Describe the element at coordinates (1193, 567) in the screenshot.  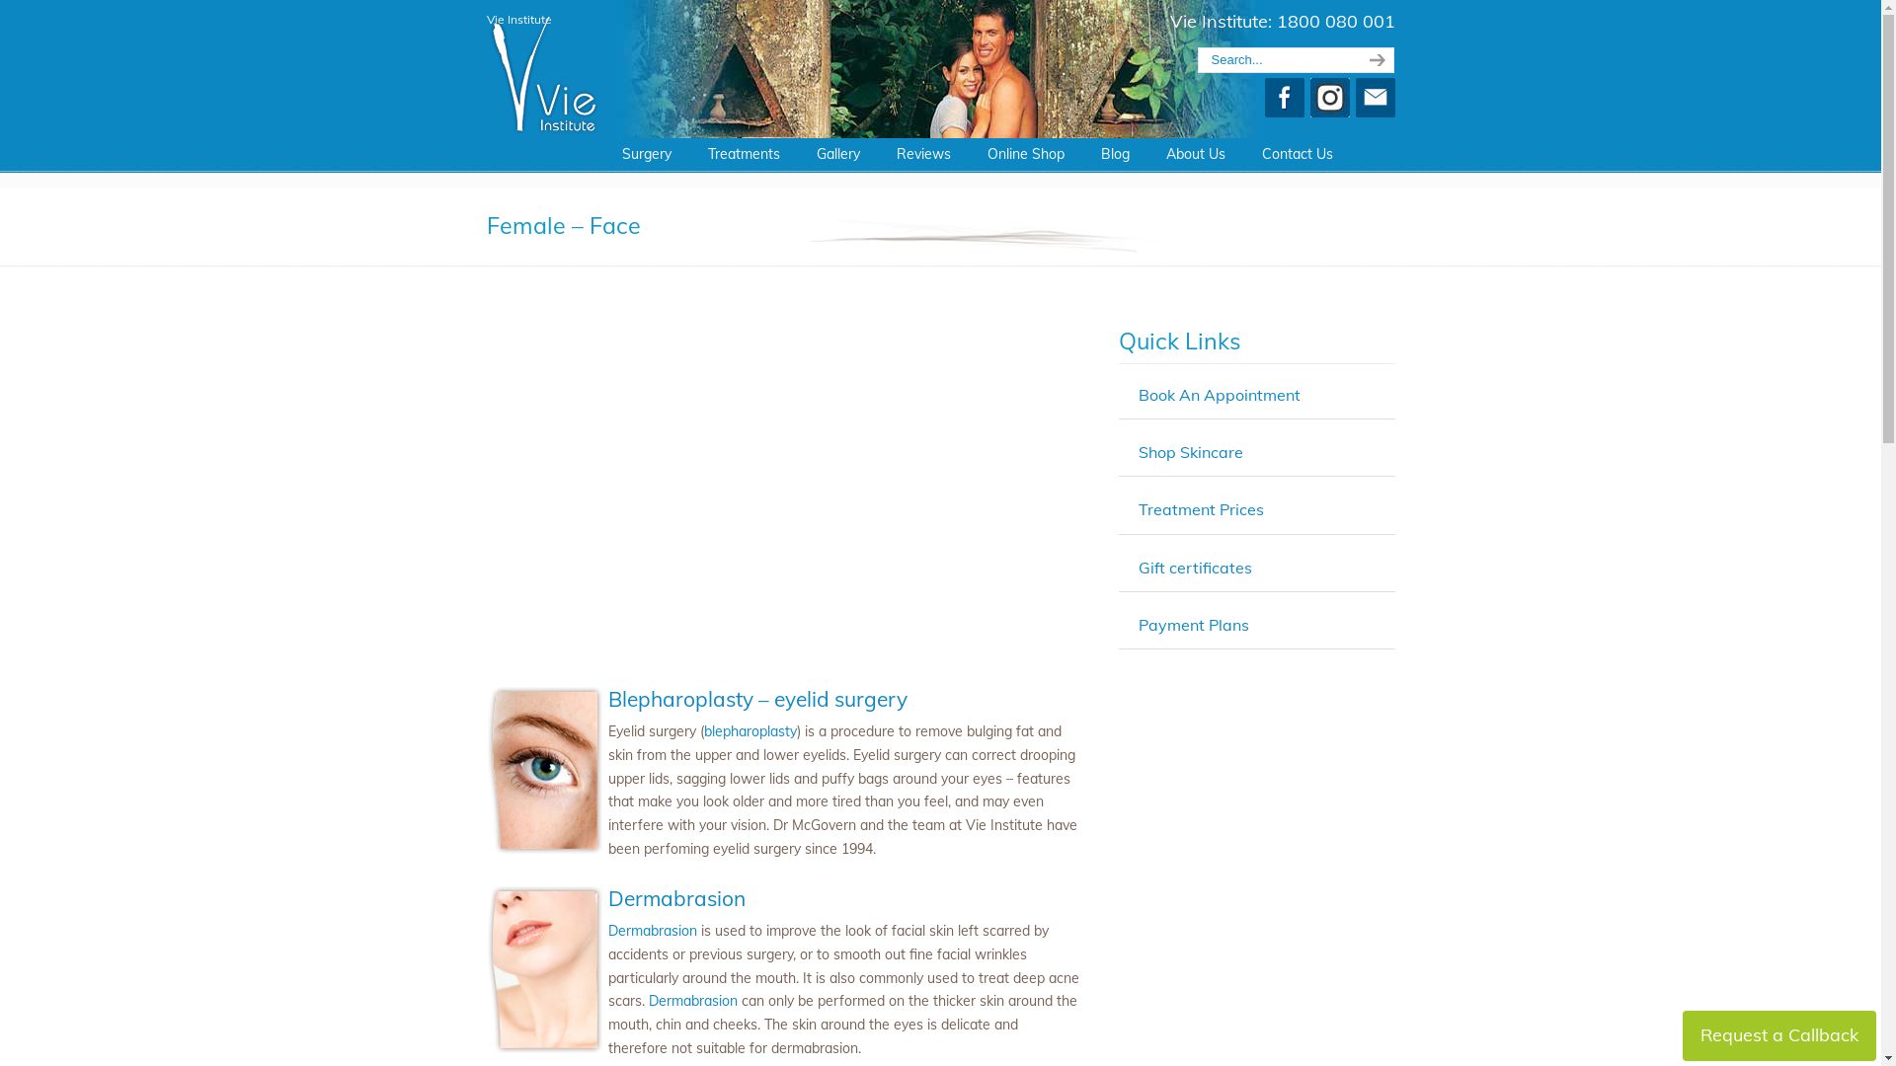
I see `'Gift certificates'` at that location.